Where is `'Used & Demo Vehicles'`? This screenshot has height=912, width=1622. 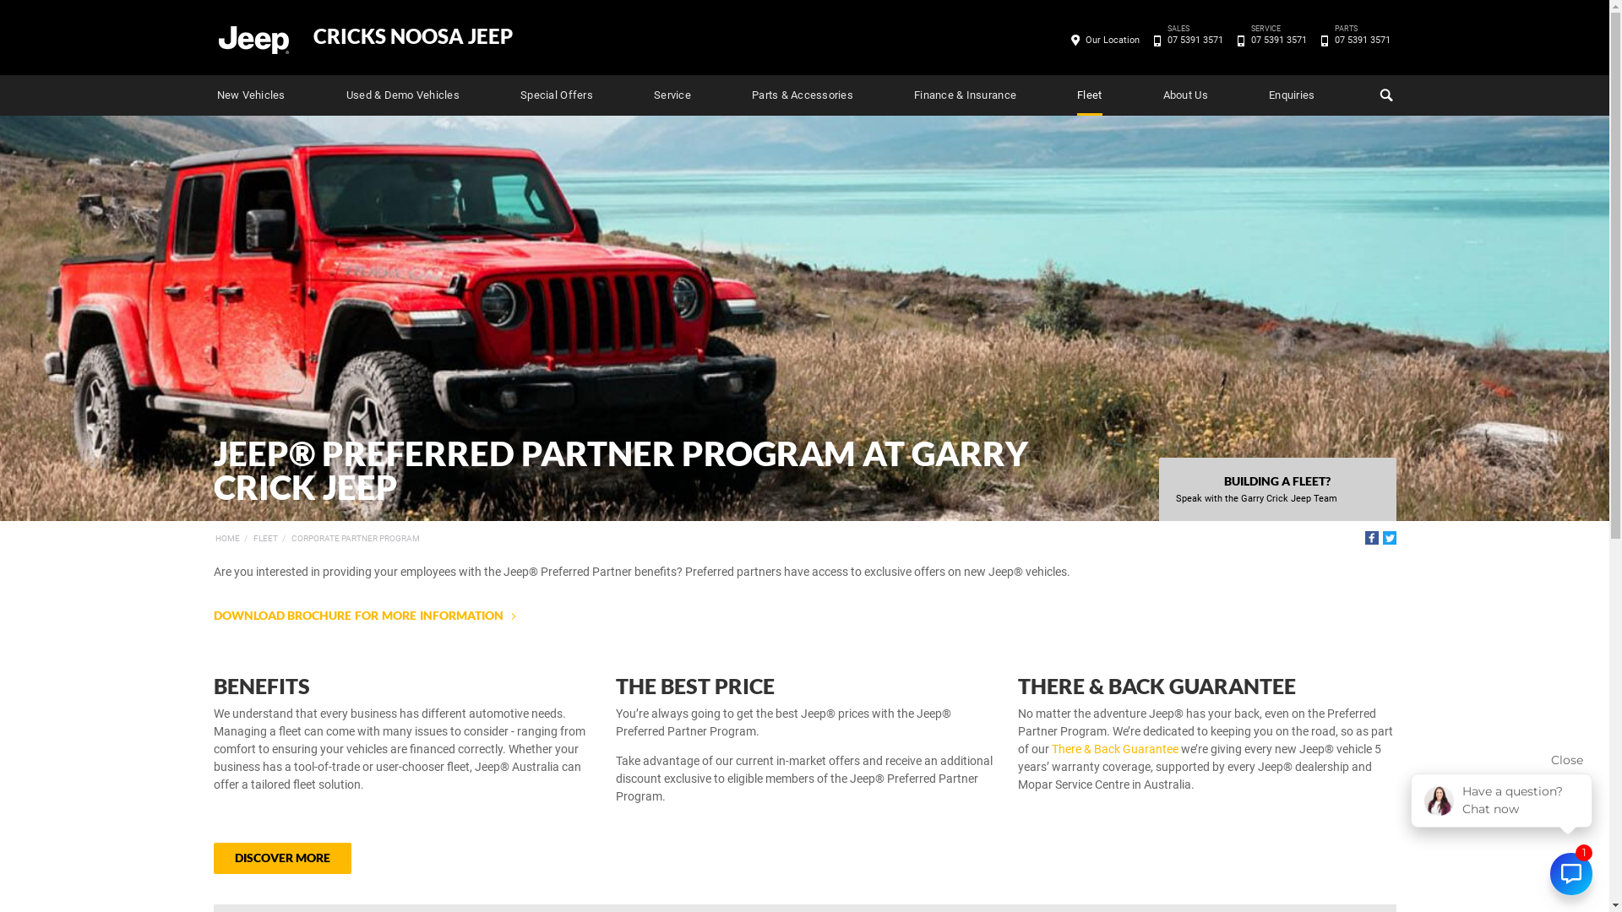
'Used & Demo Vehicles' is located at coordinates (401, 95).